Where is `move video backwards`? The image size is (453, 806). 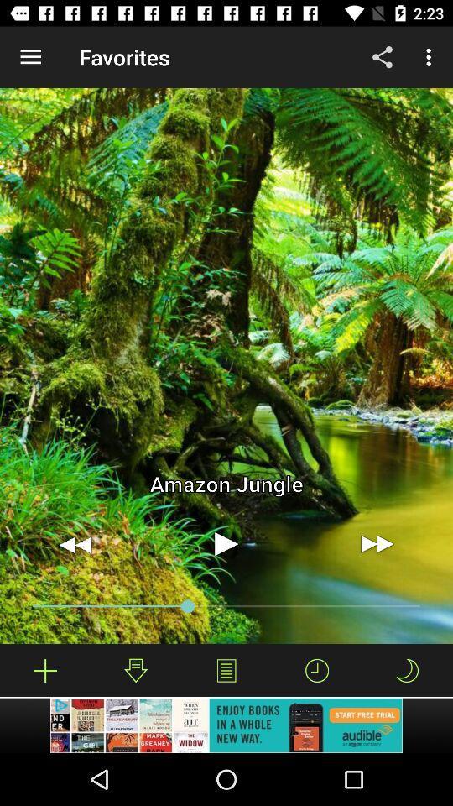 move video backwards is located at coordinates (75, 543).